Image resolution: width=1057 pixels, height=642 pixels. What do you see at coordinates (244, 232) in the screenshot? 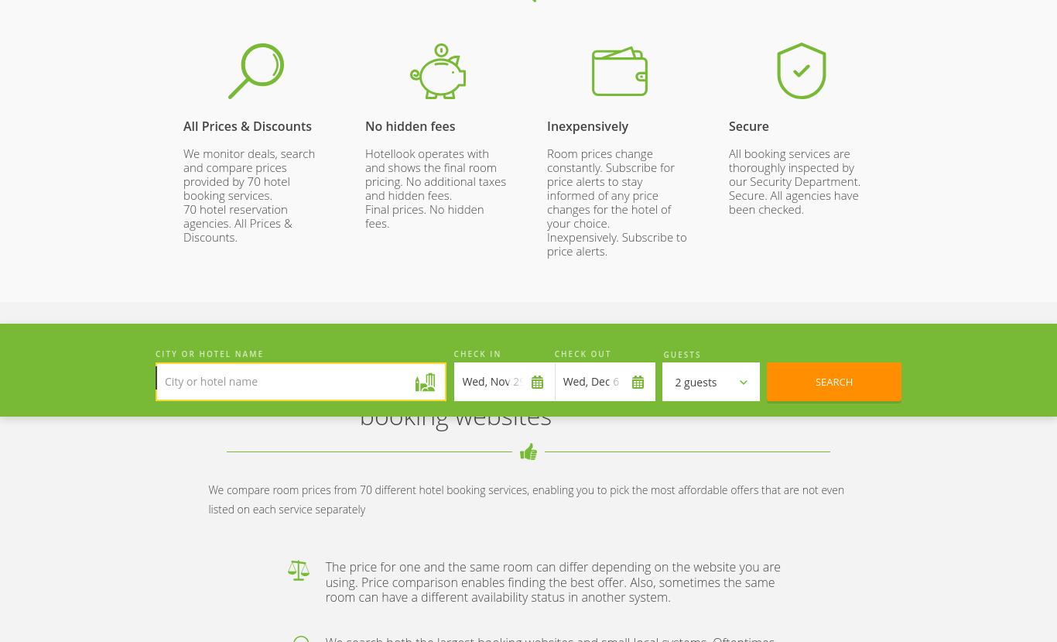
I see `'Hotellook – hotel price comparison engine. Find a discount and save up to 60%!'` at bounding box center [244, 232].